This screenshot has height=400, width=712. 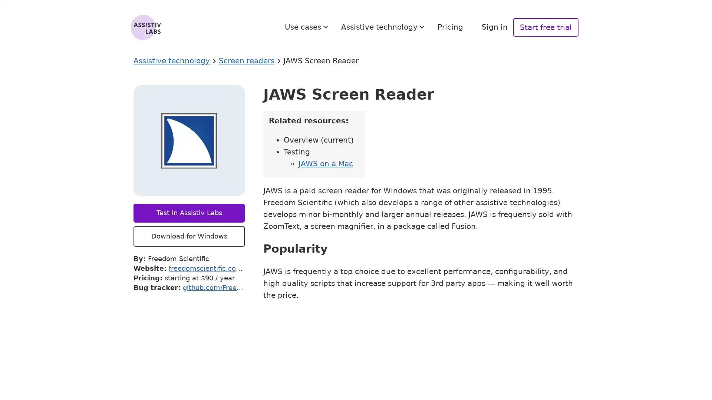 What do you see at coordinates (189, 213) in the screenshot?
I see `Test in Assistiv Labs` at bounding box center [189, 213].